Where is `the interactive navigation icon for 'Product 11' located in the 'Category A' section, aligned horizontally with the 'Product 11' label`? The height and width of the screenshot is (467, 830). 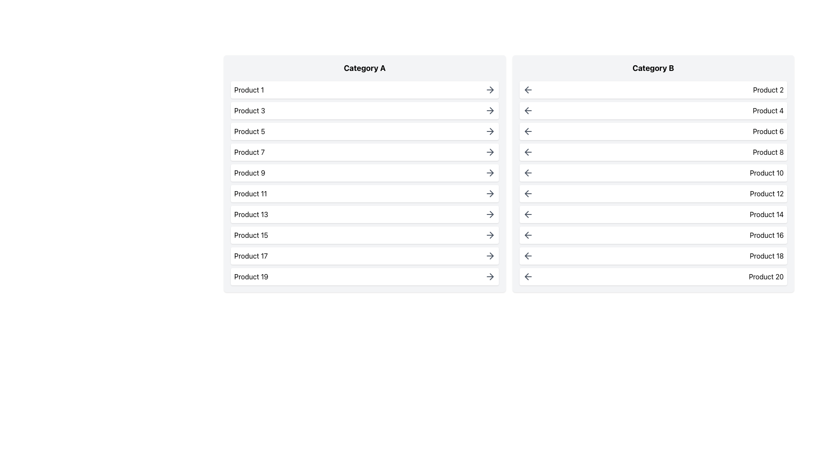 the interactive navigation icon for 'Product 11' located in the 'Category A' section, aligned horizontally with the 'Product 11' label is located at coordinates (492, 193).